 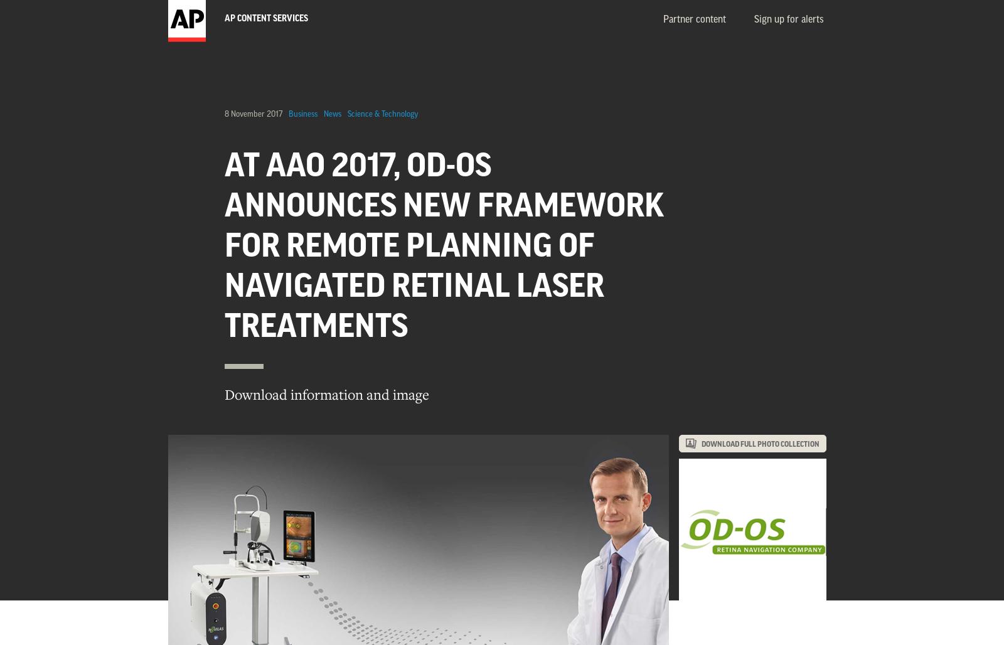 What do you see at coordinates (444, 245) in the screenshot?
I see `'AT AAO 2017, OD-OS ANNOUNCES NEW FRAMEWORK FOR REMOTE PLANNING OF NAVIGATED RETINAL LASER TREATMENTS'` at bounding box center [444, 245].